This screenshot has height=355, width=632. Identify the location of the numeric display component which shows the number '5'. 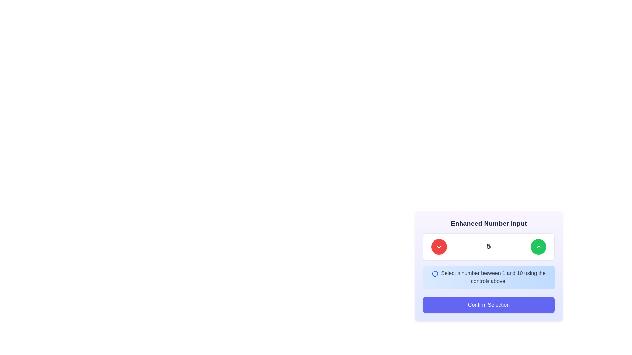
(488, 247).